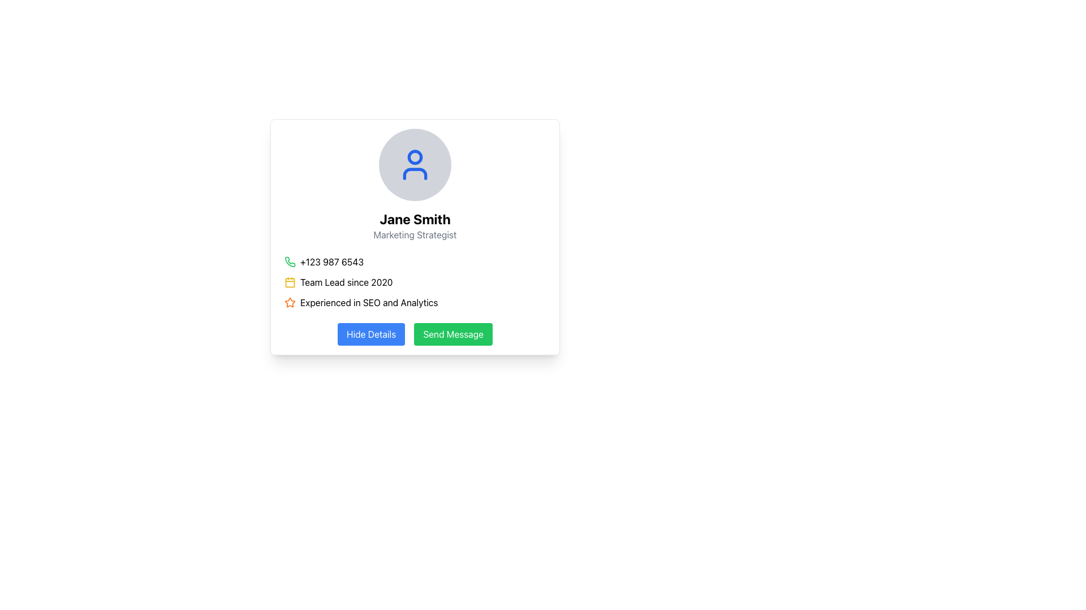 The height and width of the screenshot is (610, 1086). What do you see at coordinates (415, 234) in the screenshot?
I see `the text label that identifies the role or occupation associated with 'Jane Smith' for additional details` at bounding box center [415, 234].